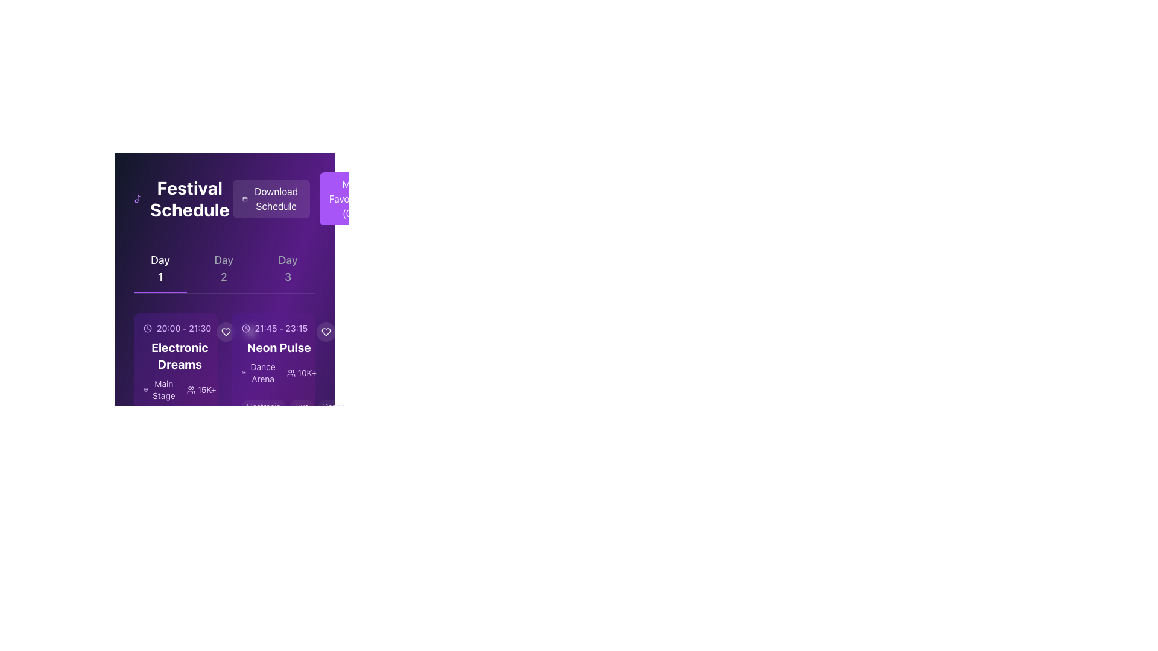 The height and width of the screenshot is (651, 1158). What do you see at coordinates (201, 390) in the screenshot?
I see `element displaying '15K+' text on a purple background, which is located towards the bottom left of the event details panel for 'Electronic Dreams'` at bounding box center [201, 390].